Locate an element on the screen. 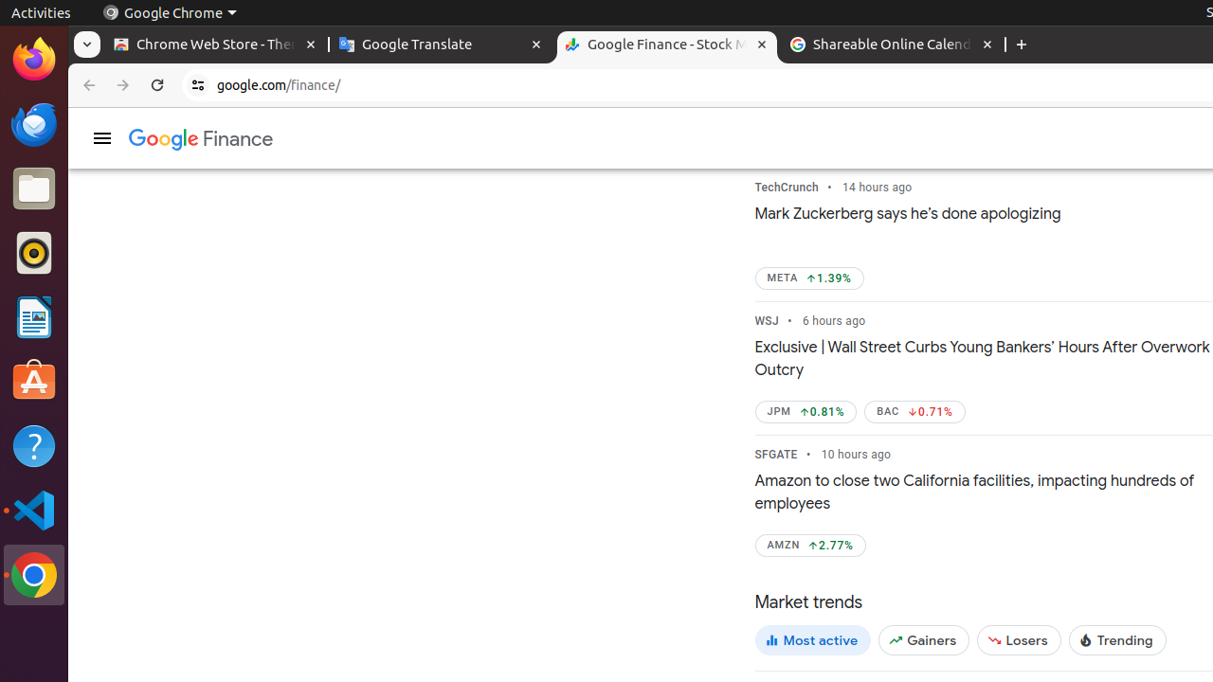 This screenshot has width=1213, height=682. 'Gainers' is located at coordinates (924, 639).